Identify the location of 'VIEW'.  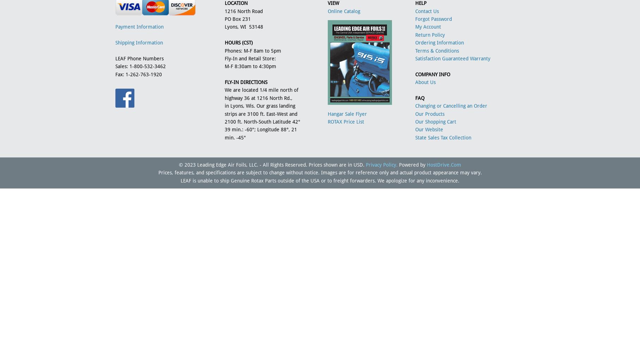
(333, 3).